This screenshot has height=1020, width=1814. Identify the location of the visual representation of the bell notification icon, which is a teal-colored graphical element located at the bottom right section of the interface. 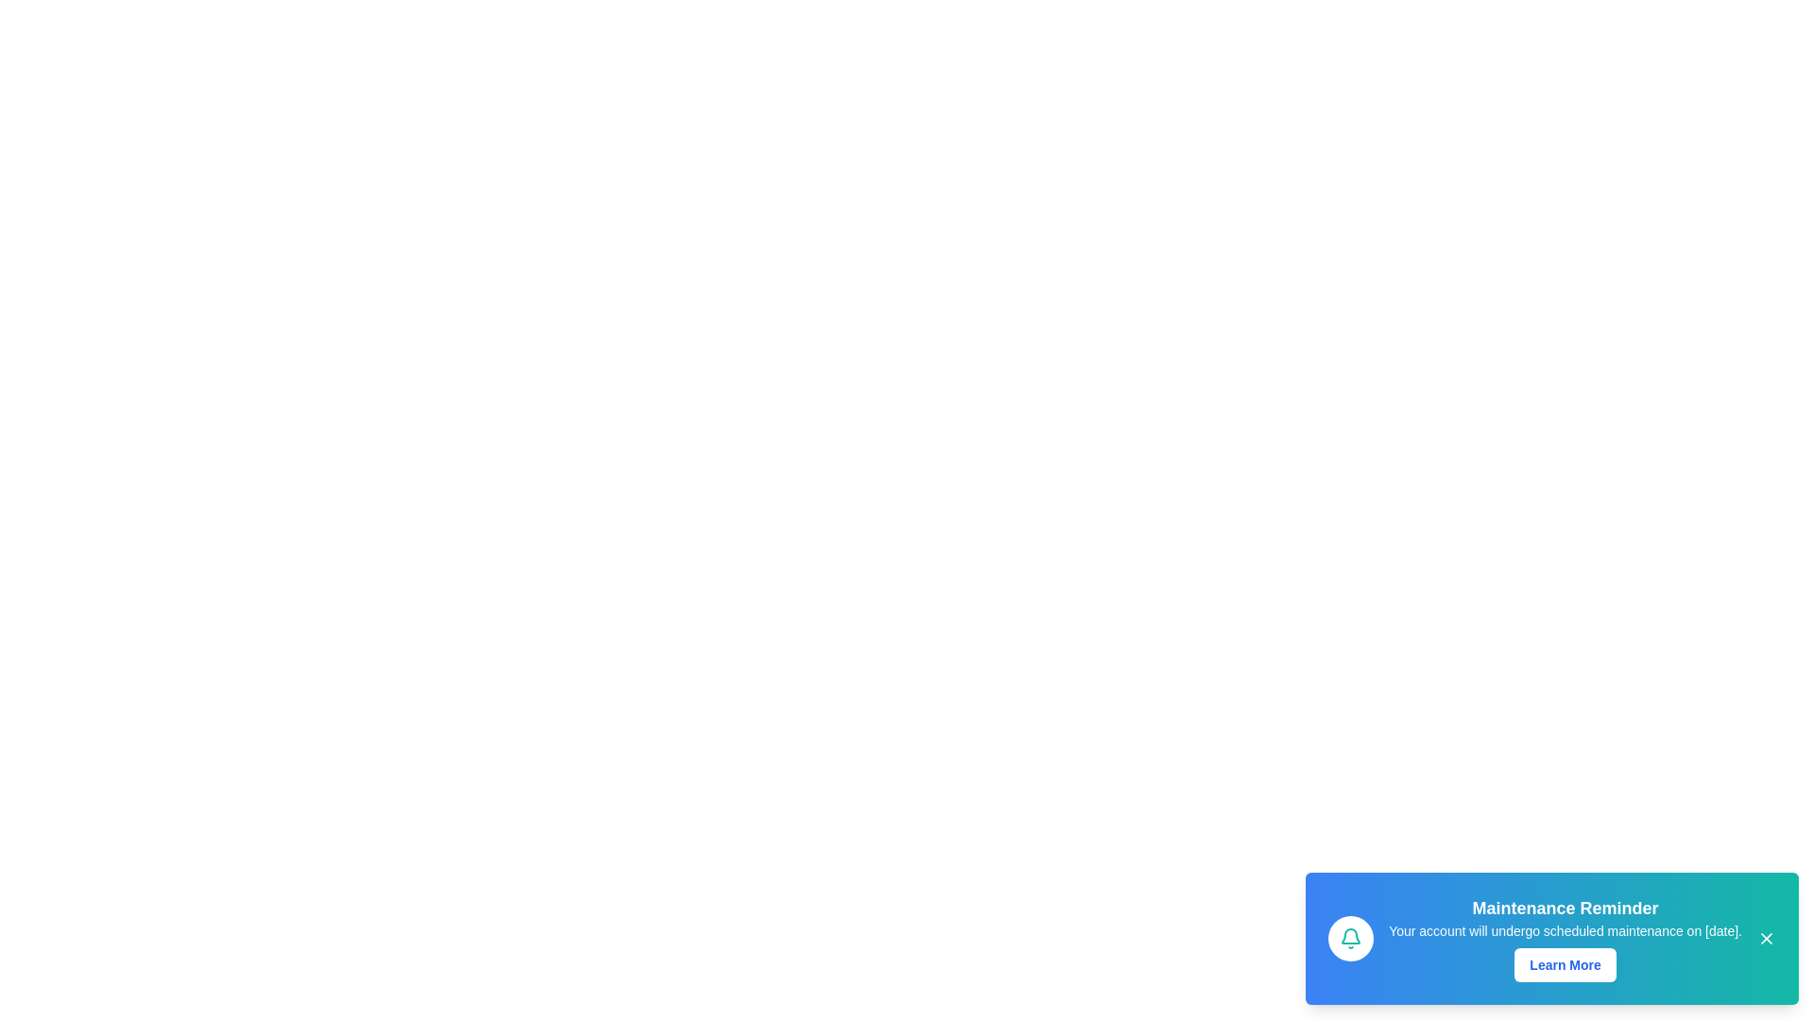
(1350, 936).